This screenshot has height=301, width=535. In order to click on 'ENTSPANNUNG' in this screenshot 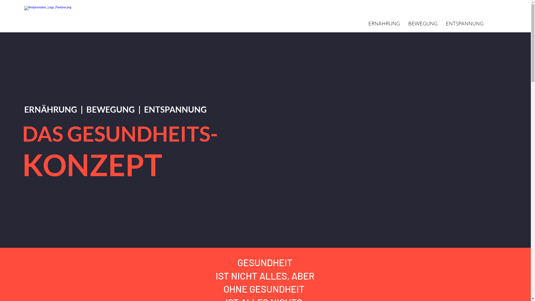, I will do `click(441, 23)`.